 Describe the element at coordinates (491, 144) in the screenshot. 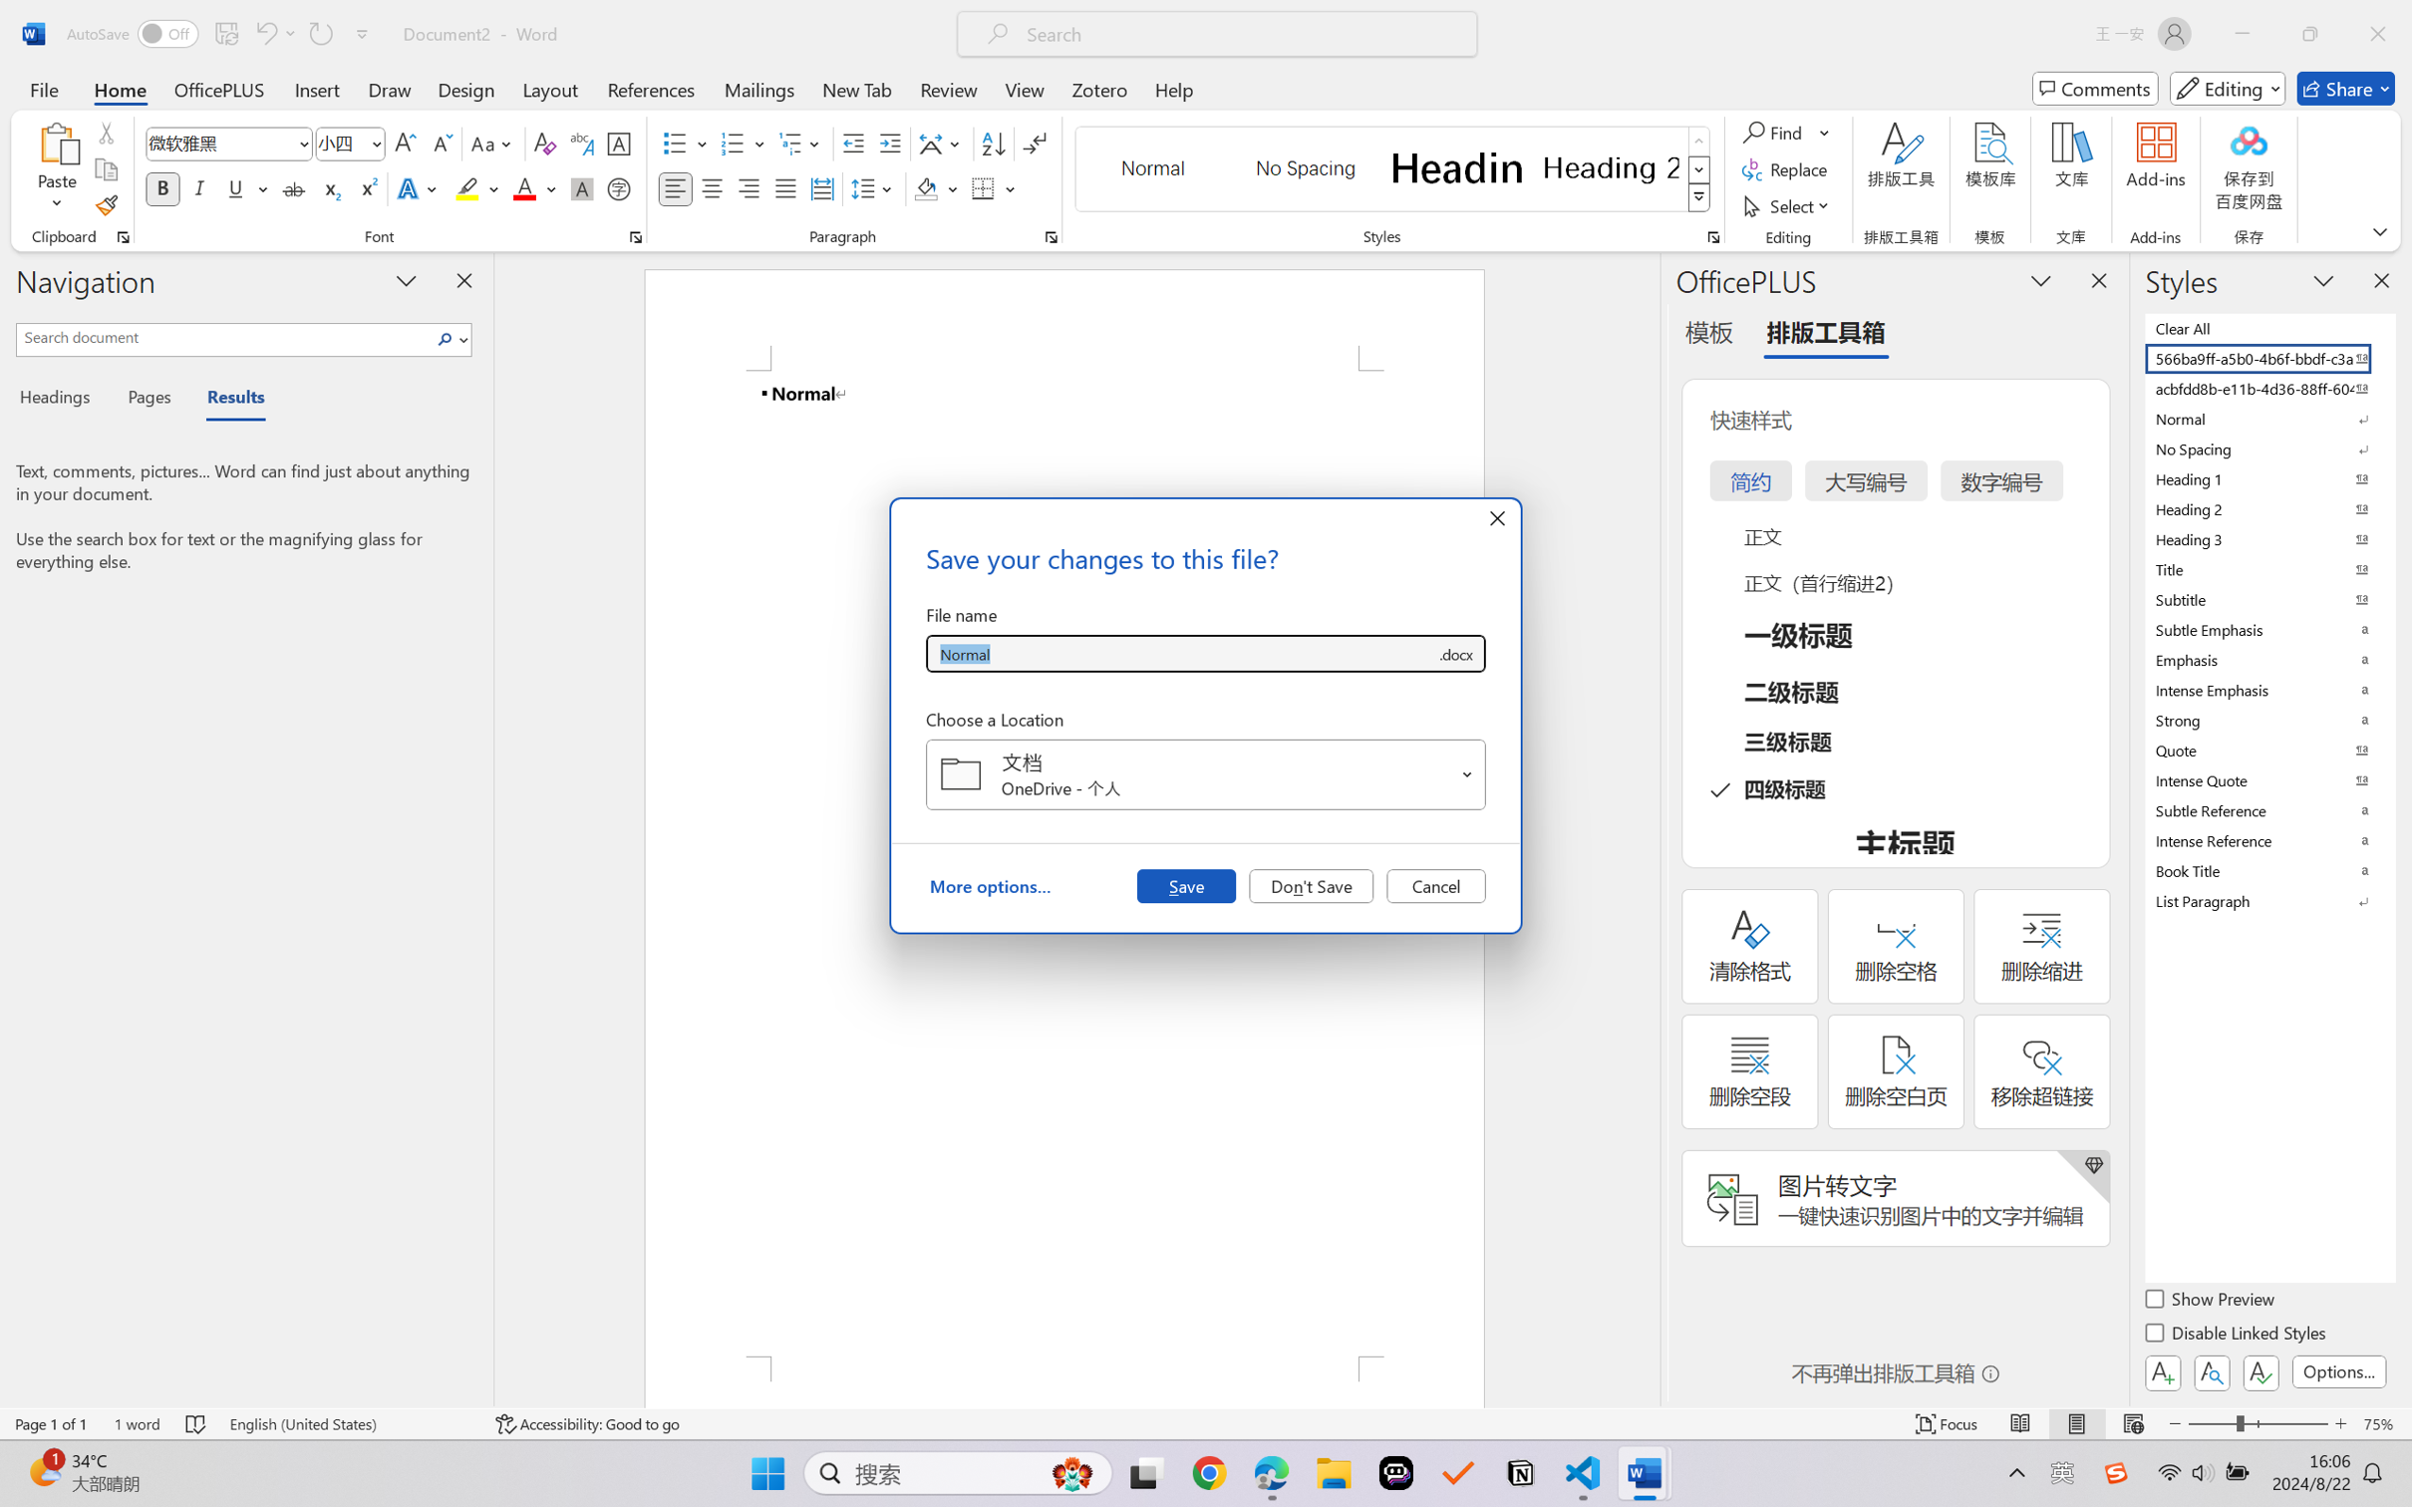

I see `'Change Case'` at that location.